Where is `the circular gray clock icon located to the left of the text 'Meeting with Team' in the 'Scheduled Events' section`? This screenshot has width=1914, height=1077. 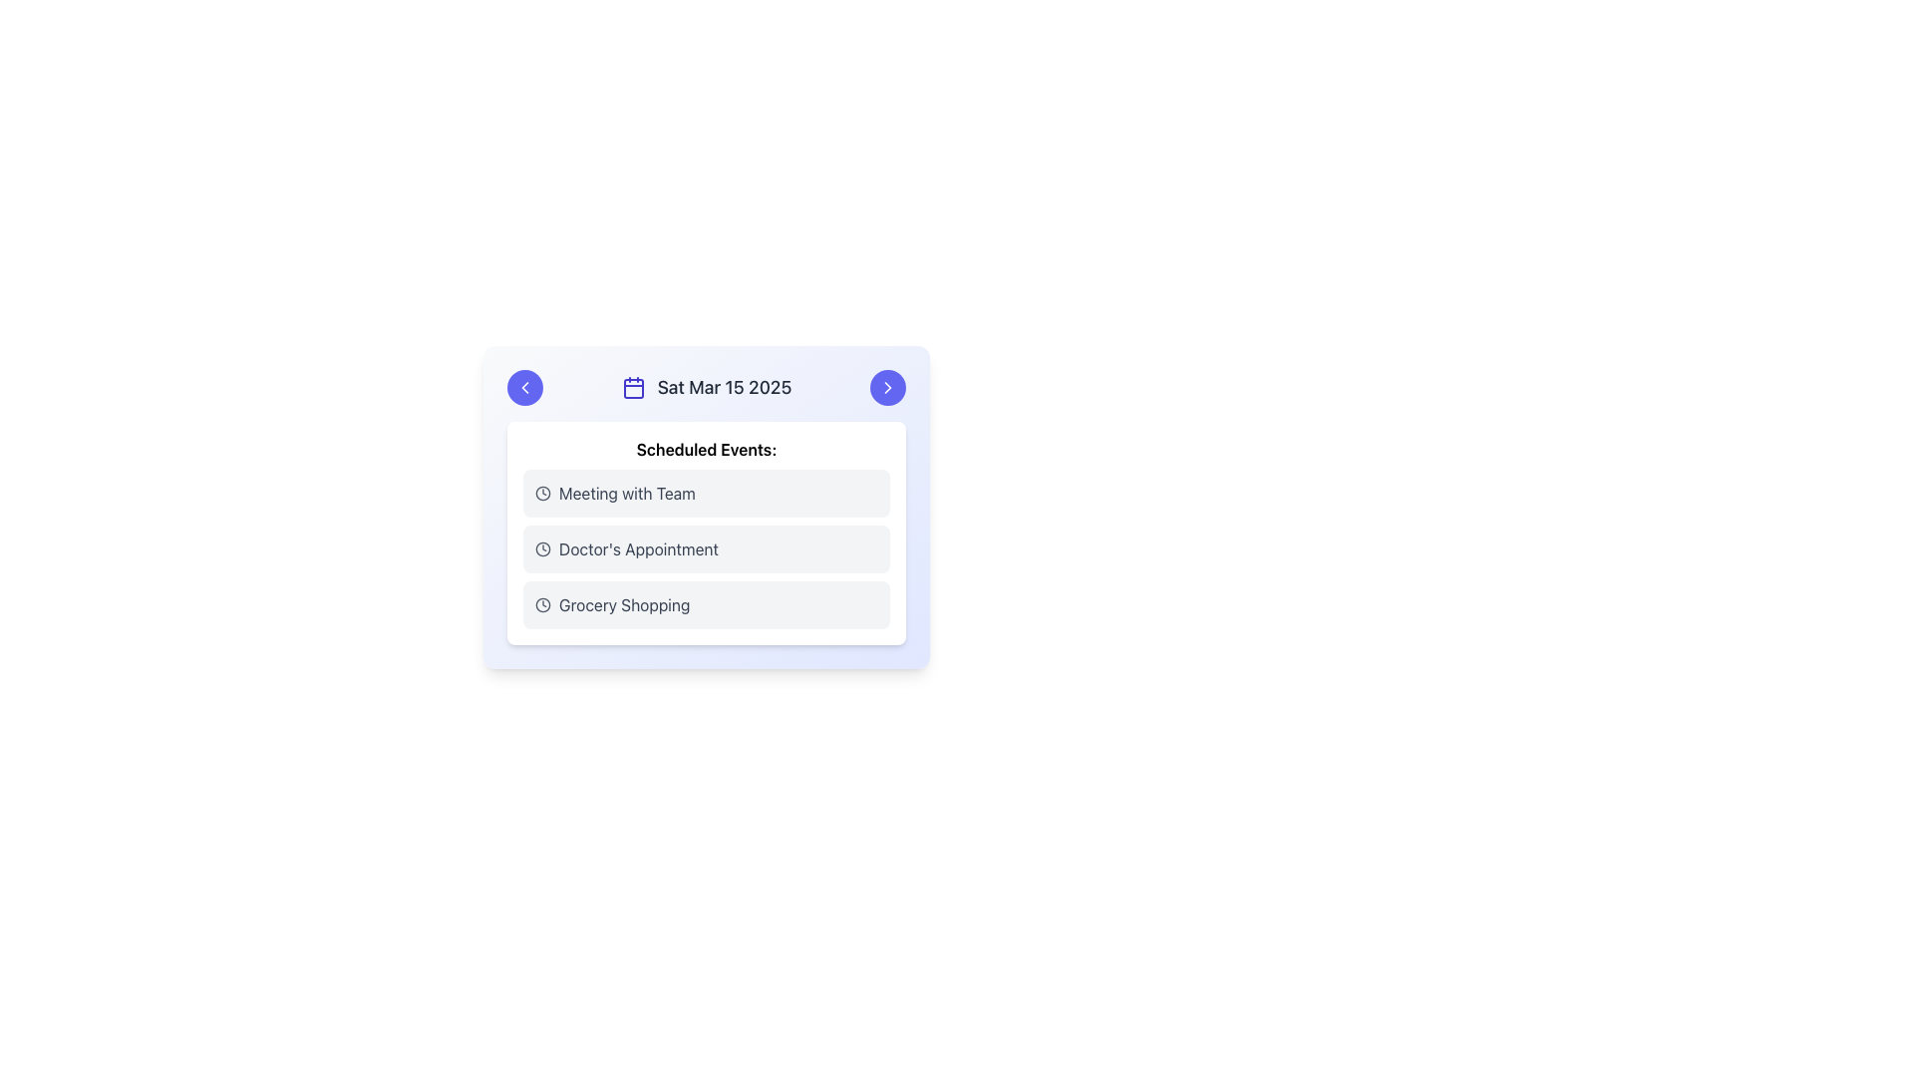
the circular gray clock icon located to the left of the text 'Meeting with Team' in the 'Scheduled Events' section is located at coordinates (543, 493).